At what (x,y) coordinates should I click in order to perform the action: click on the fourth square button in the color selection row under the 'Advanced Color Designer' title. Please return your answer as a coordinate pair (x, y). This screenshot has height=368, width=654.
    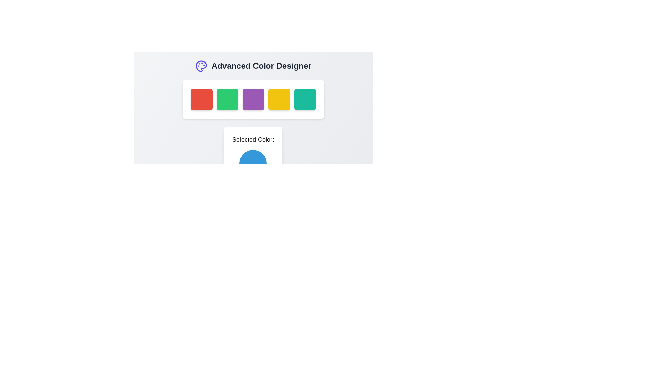
    Looking at the image, I should click on (279, 99).